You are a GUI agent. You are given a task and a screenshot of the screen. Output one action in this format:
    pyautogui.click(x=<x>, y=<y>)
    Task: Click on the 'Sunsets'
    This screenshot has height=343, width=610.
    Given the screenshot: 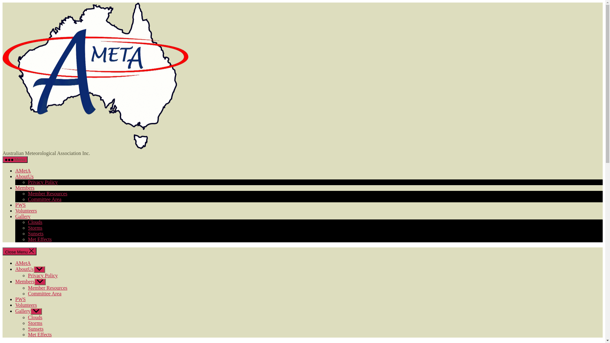 What is the action you would take?
    pyautogui.click(x=27, y=233)
    